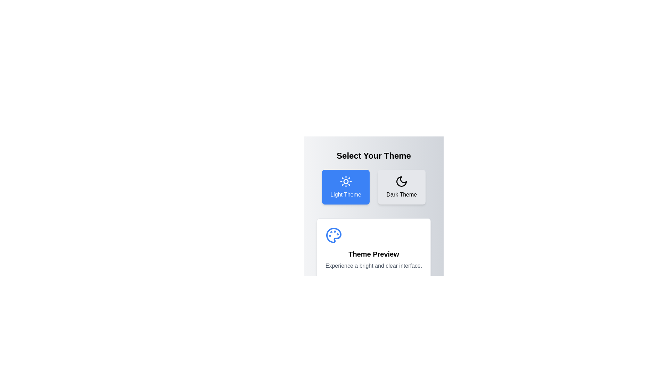  Describe the element at coordinates (402, 187) in the screenshot. I see `the button corresponding to the Dark theme` at that location.